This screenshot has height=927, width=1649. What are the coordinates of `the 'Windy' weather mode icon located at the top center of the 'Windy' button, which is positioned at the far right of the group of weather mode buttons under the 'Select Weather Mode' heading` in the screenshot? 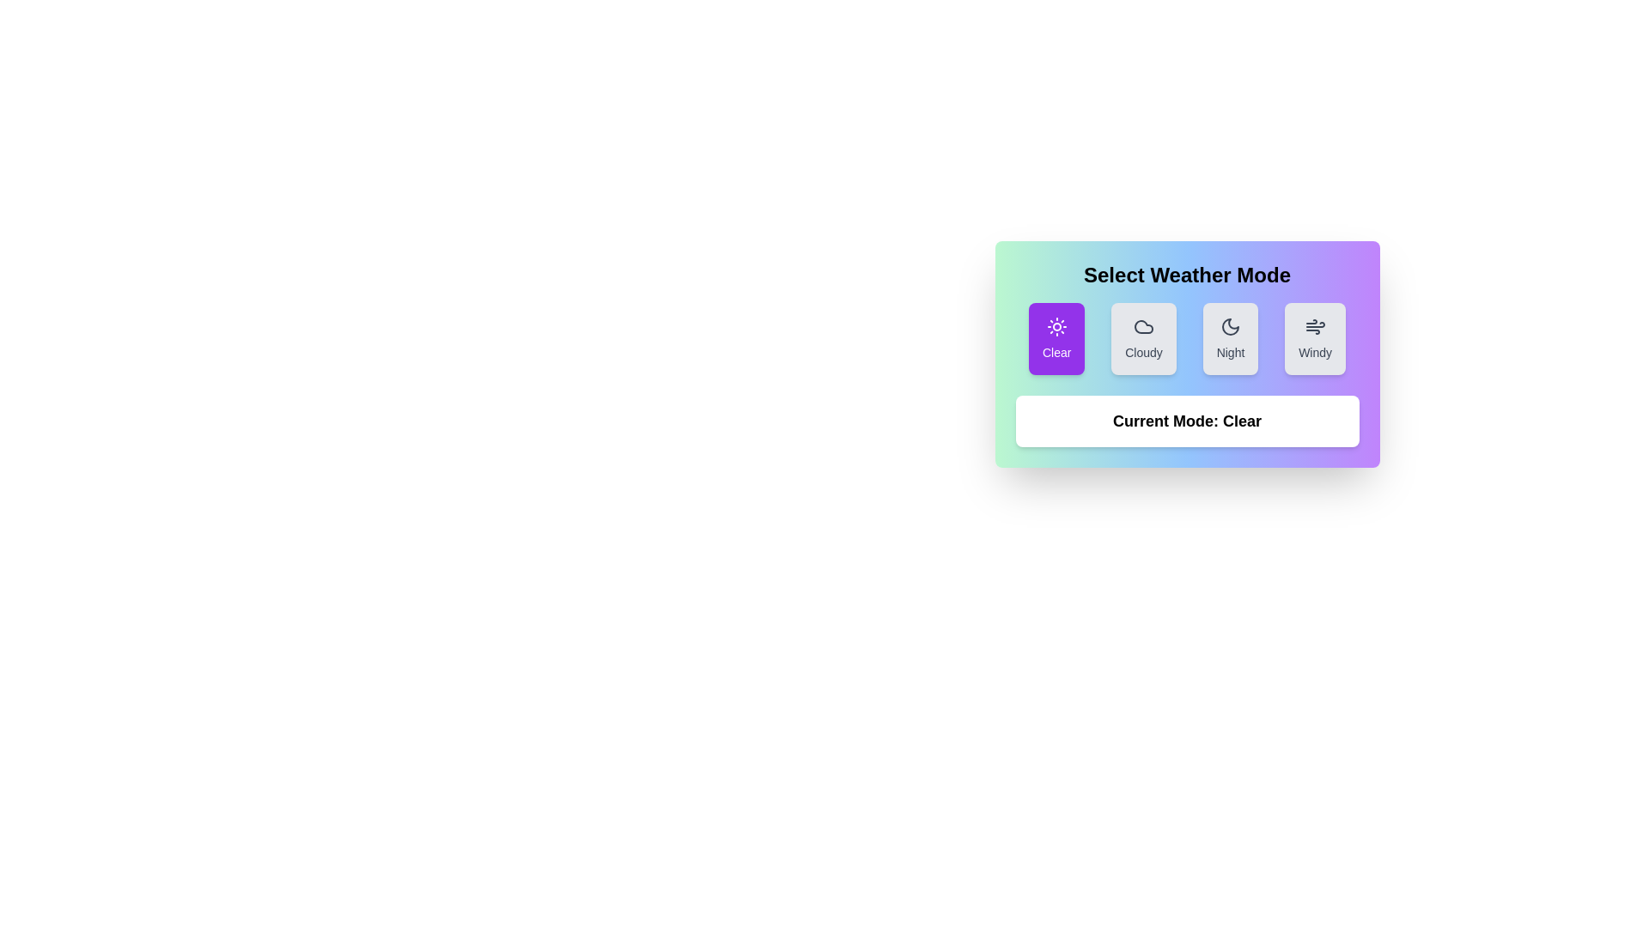 It's located at (1314, 327).